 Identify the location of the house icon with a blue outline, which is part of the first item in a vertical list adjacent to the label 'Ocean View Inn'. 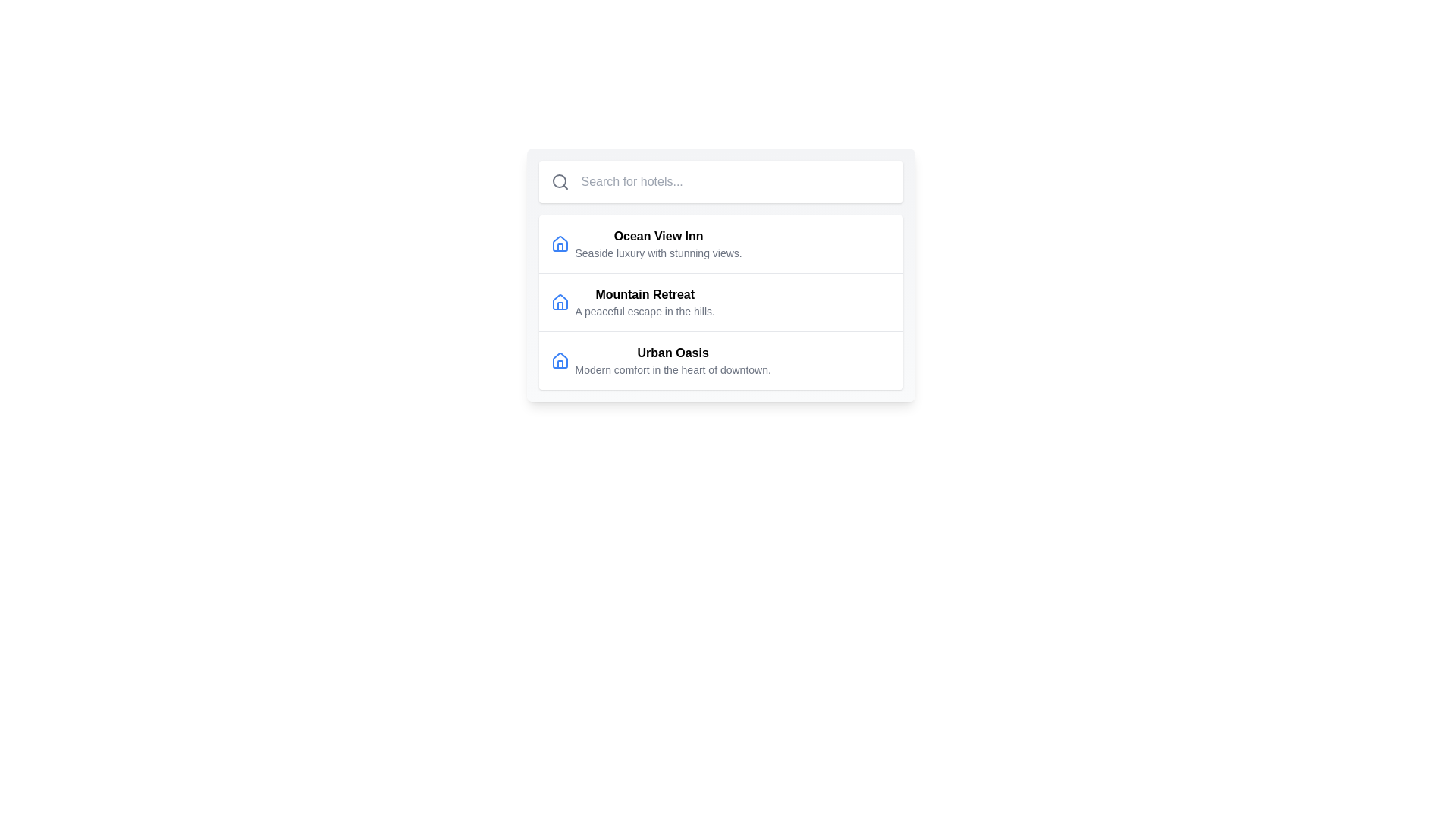
(559, 243).